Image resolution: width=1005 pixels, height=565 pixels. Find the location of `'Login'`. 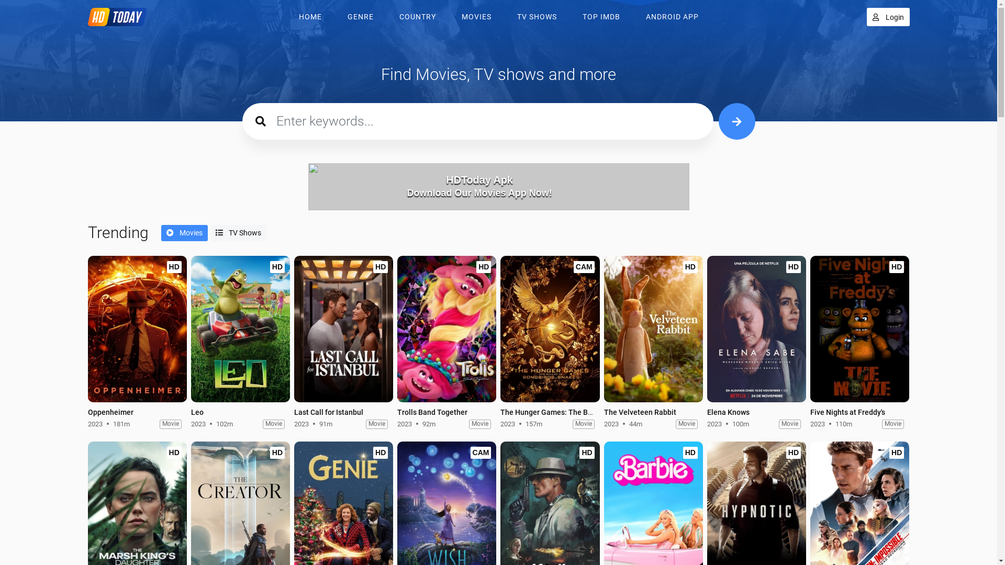

'Login' is located at coordinates (867, 17).